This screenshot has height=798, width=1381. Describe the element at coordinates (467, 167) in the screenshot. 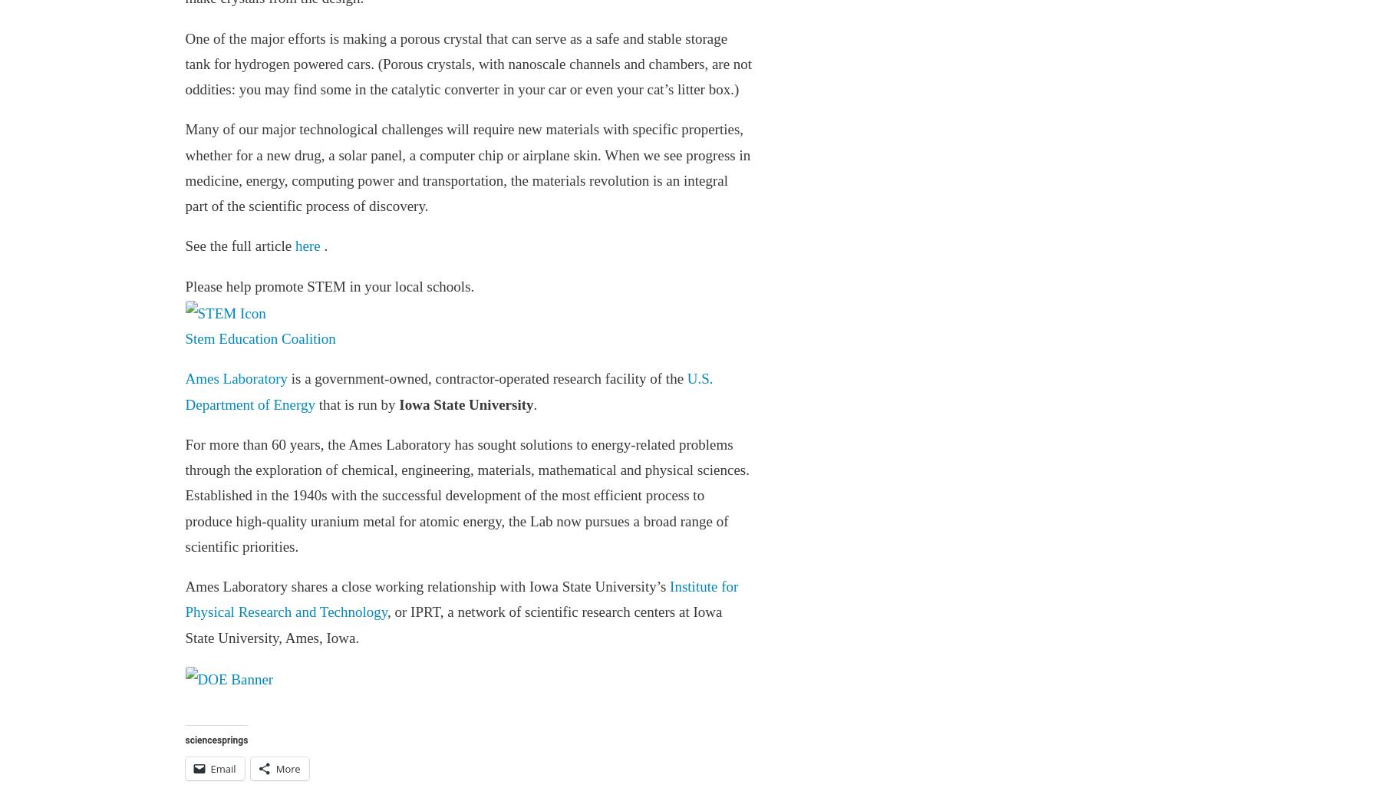

I see `'Many of our major technological challenges will require new materials with specific properties, whether for a new drug, a solar panel, a computer chip or airplane skin. When we see progress in medicine, energy, computing power and transportation, the materials revolution is an integral part of the scientific process of discovery.'` at that location.